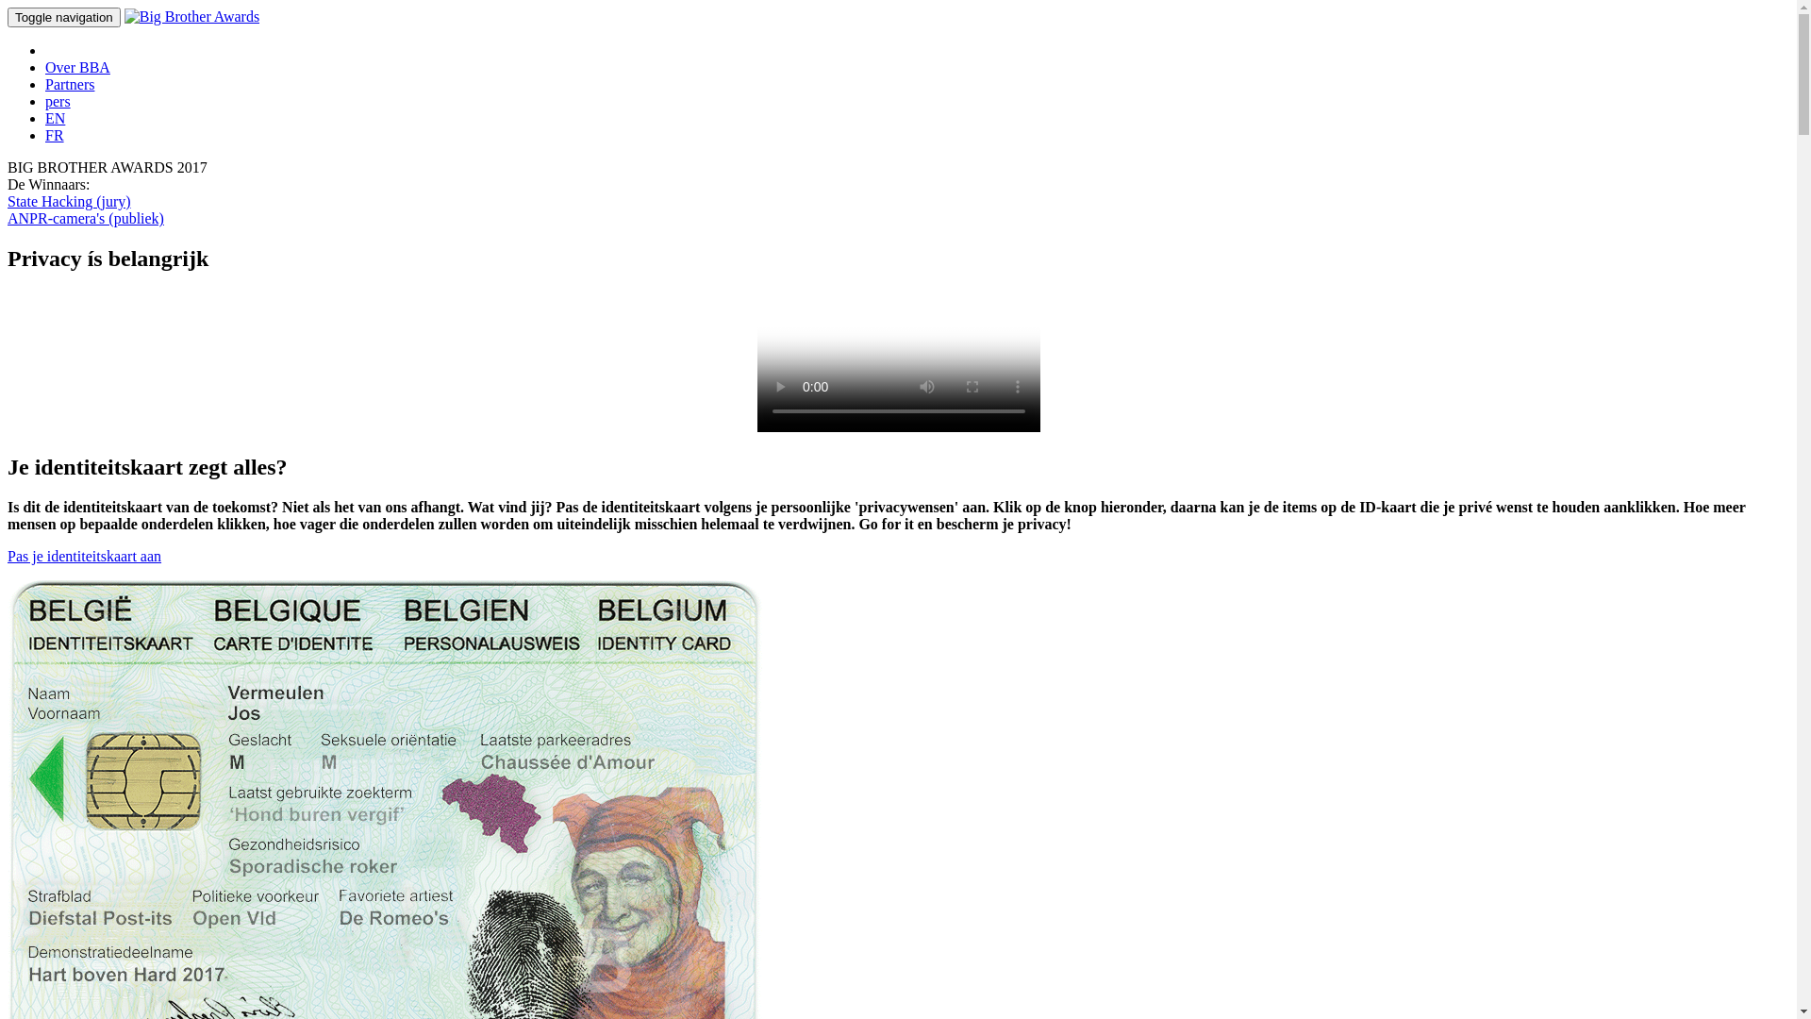 Image resolution: width=1811 pixels, height=1019 pixels. I want to click on 'ANPR-camera's (publiek)', so click(85, 217).